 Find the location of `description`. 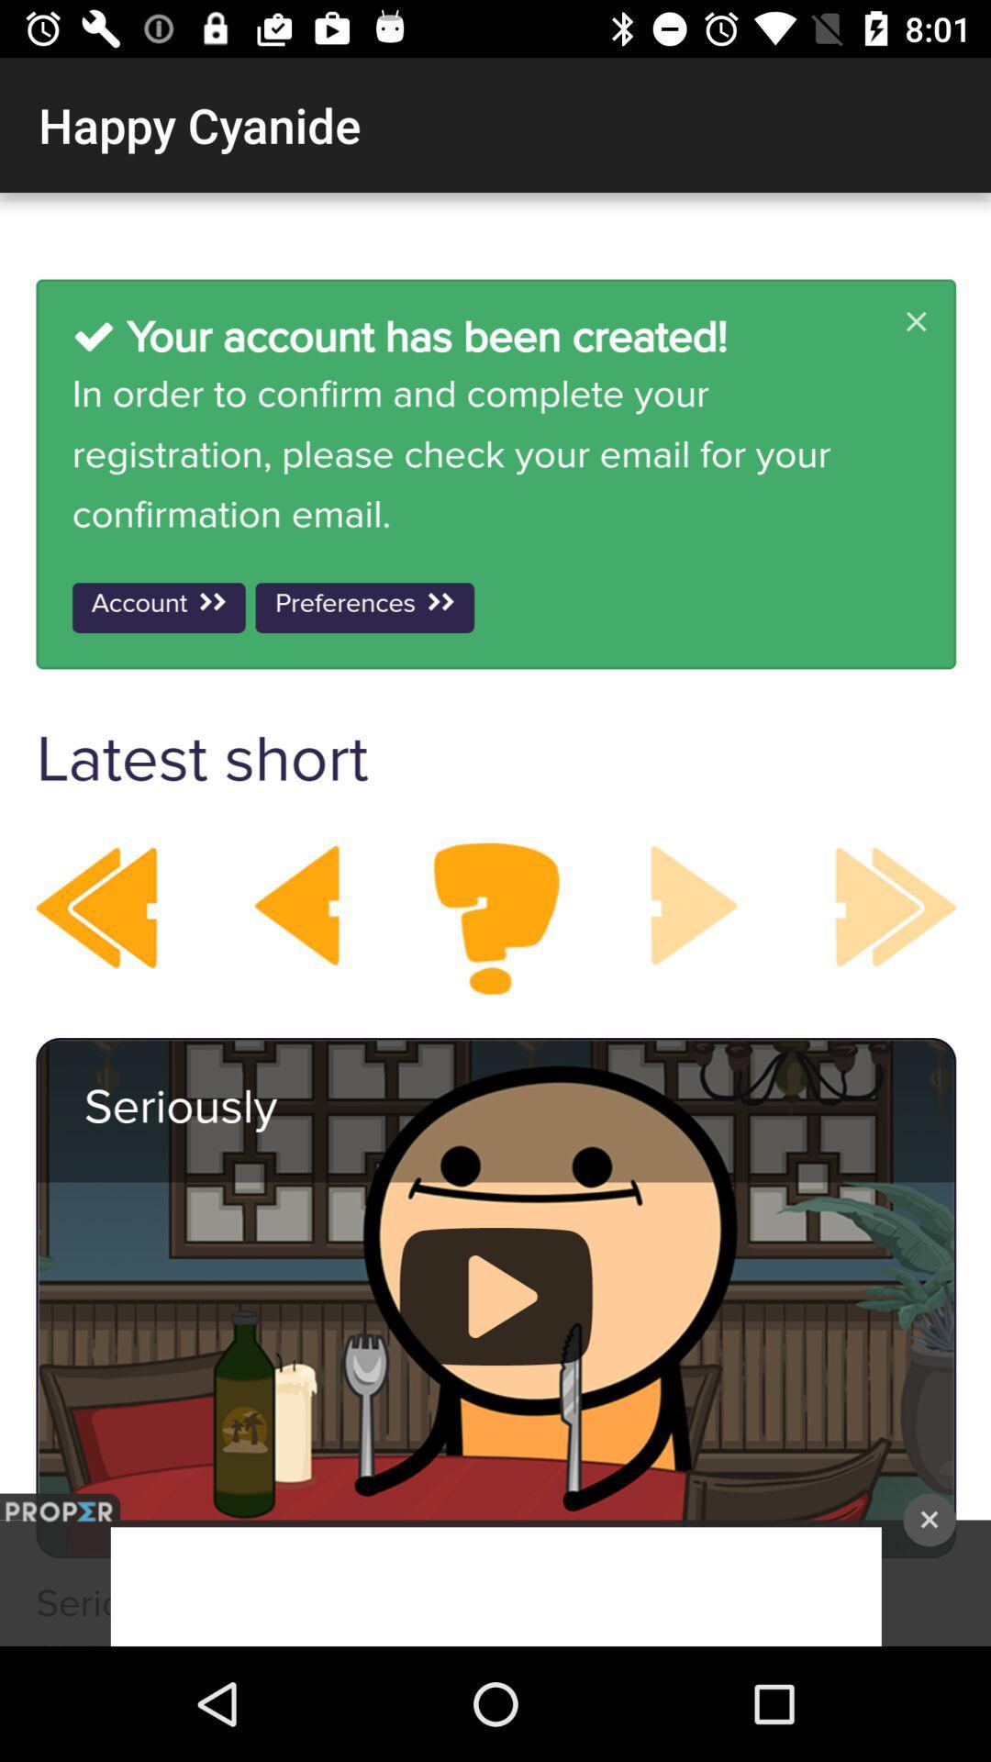

description is located at coordinates (495, 920).